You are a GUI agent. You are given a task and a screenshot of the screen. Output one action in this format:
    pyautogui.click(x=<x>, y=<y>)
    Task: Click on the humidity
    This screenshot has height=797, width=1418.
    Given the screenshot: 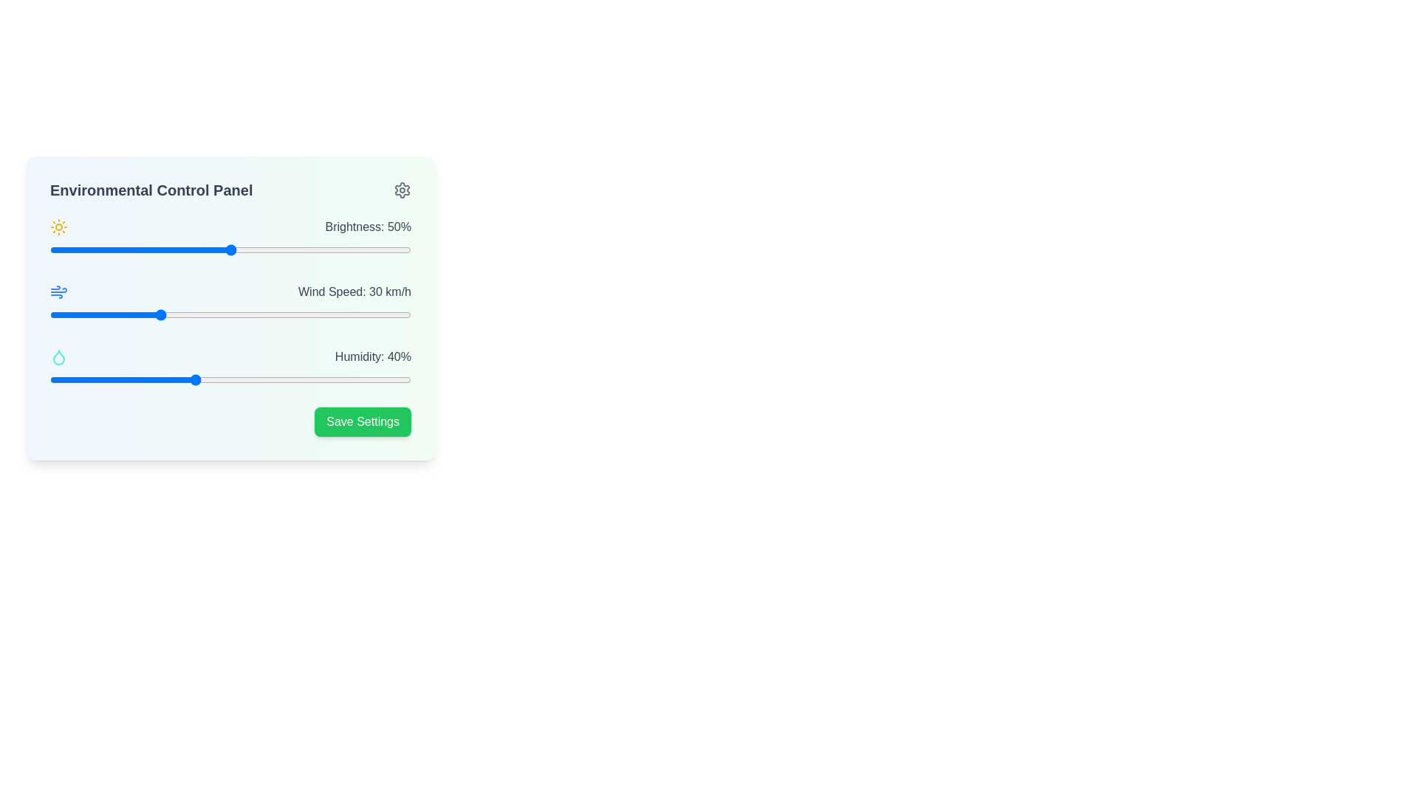 What is the action you would take?
    pyautogui.click(x=208, y=379)
    